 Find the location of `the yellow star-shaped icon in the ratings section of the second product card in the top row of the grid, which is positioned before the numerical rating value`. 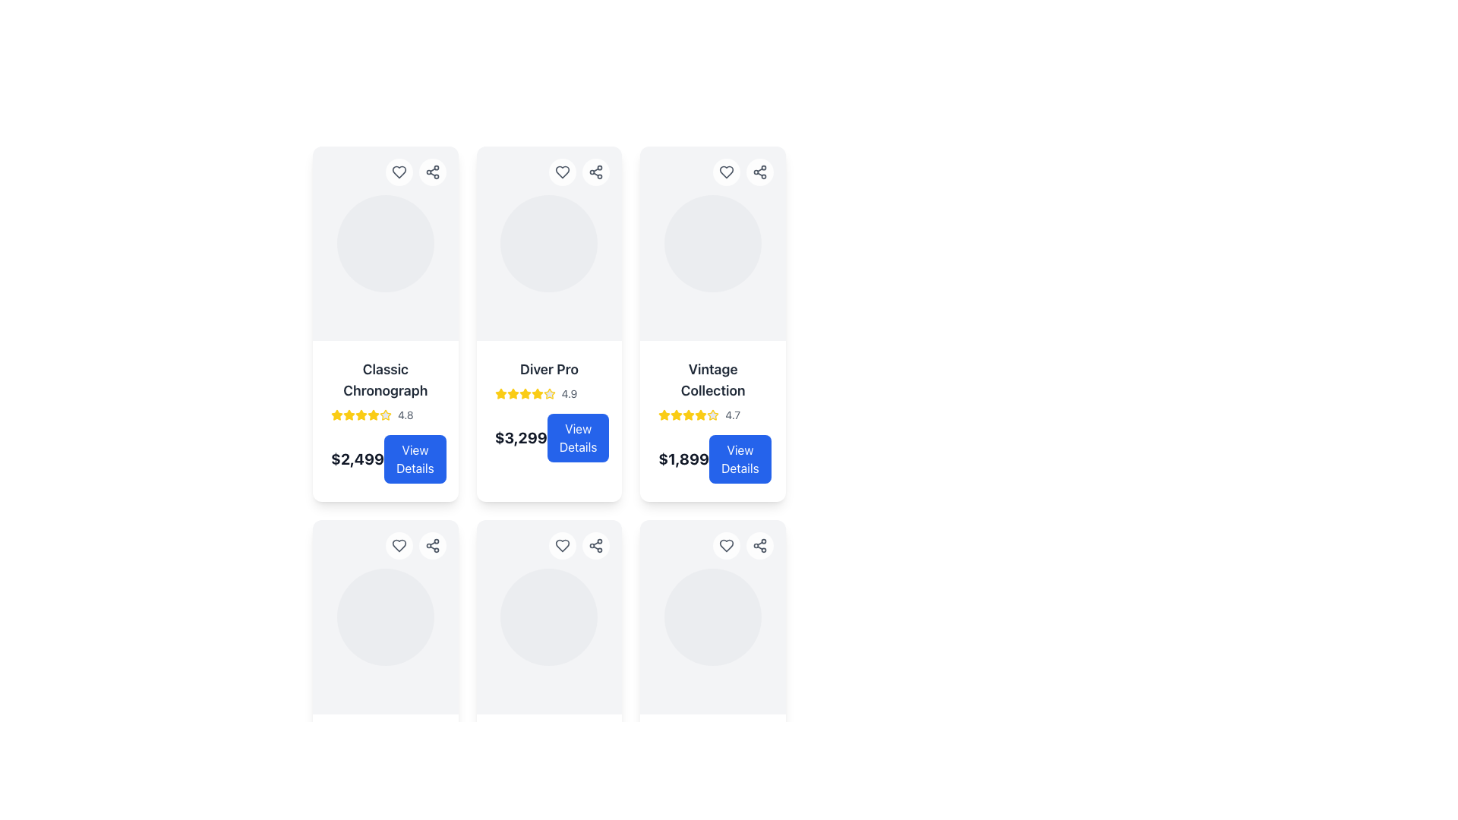

the yellow star-shaped icon in the ratings section of the second product card in the top row of the grid, which is positioned before the numerical rating value is located at coordinates (513, 393).